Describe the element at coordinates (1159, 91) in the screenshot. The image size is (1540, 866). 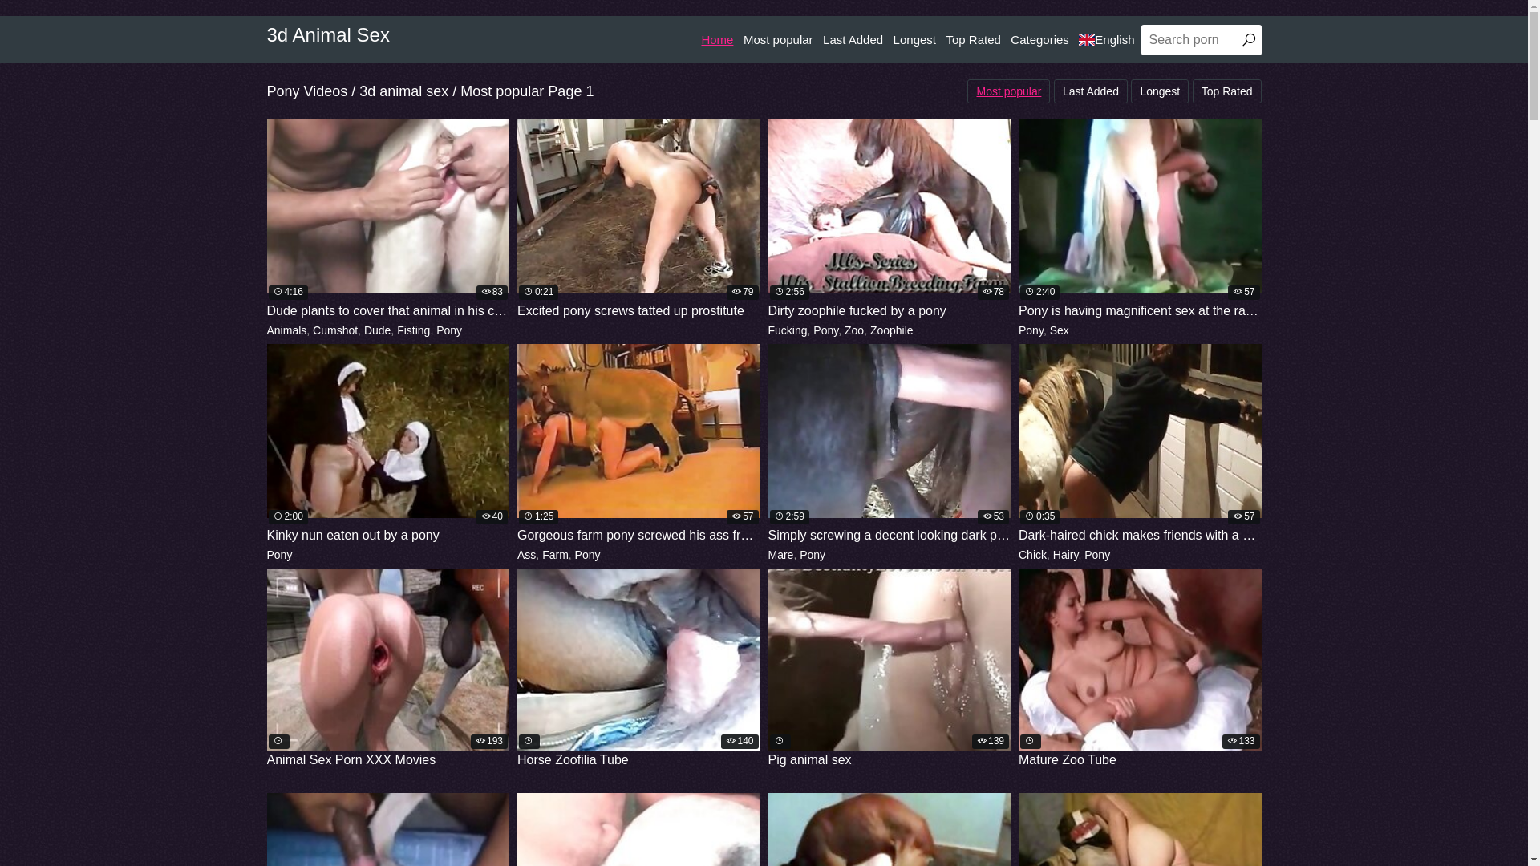
I see `'Longest'` at that location.